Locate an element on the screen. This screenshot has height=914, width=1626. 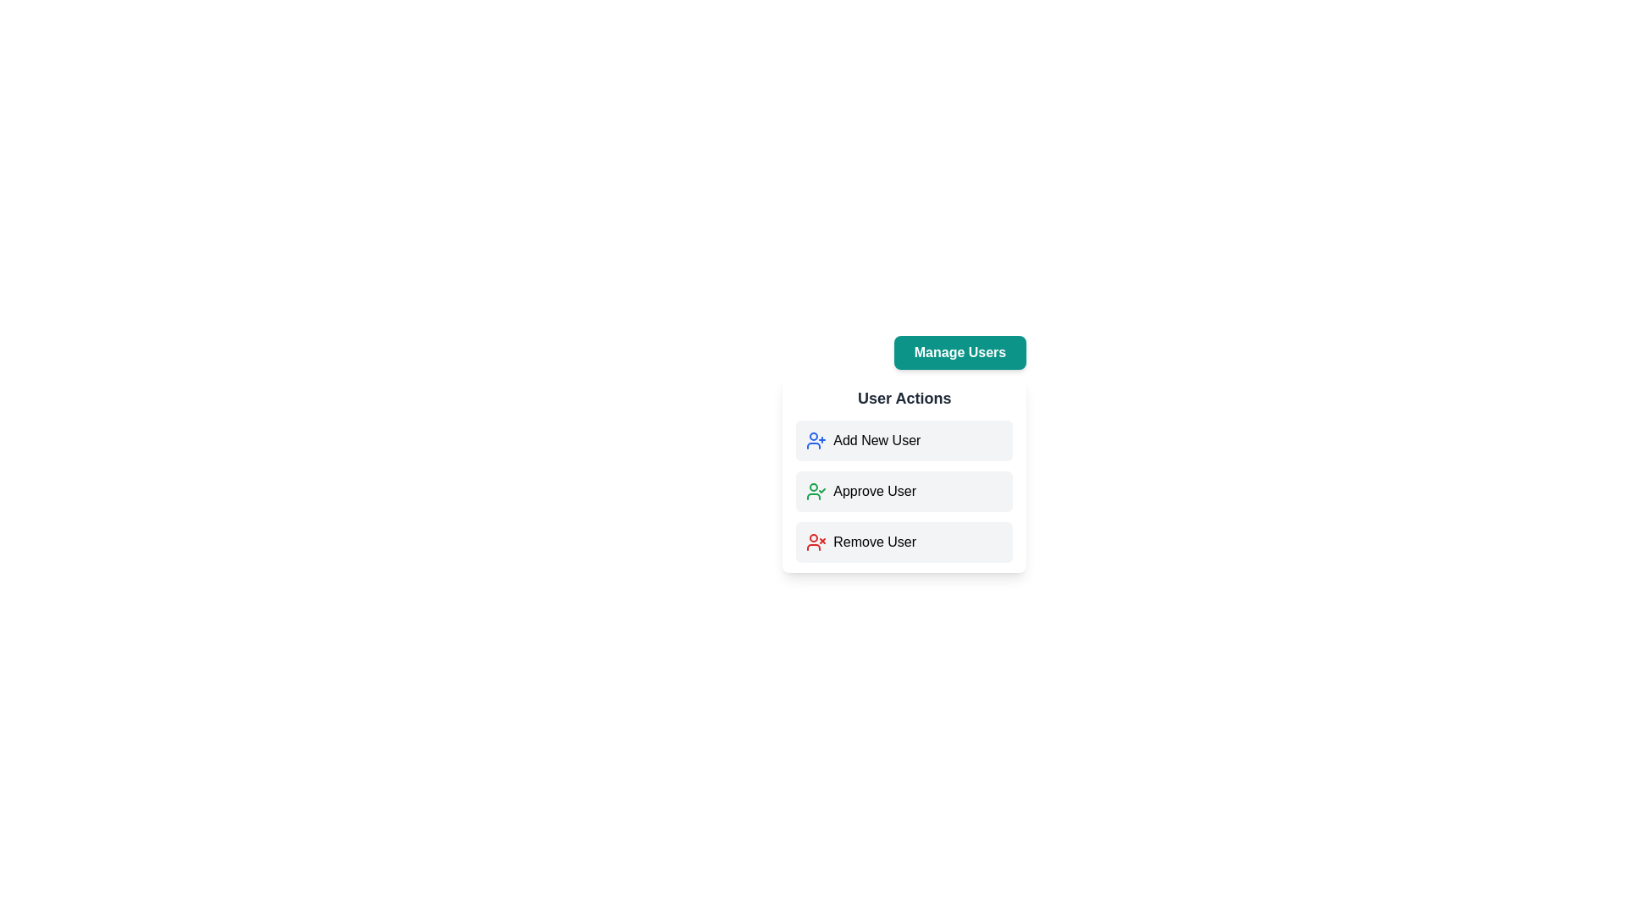
the 'Approve User' button, which is the second button in the 'User Actions' panel, to approve the user is located at coordinates (904, 492).